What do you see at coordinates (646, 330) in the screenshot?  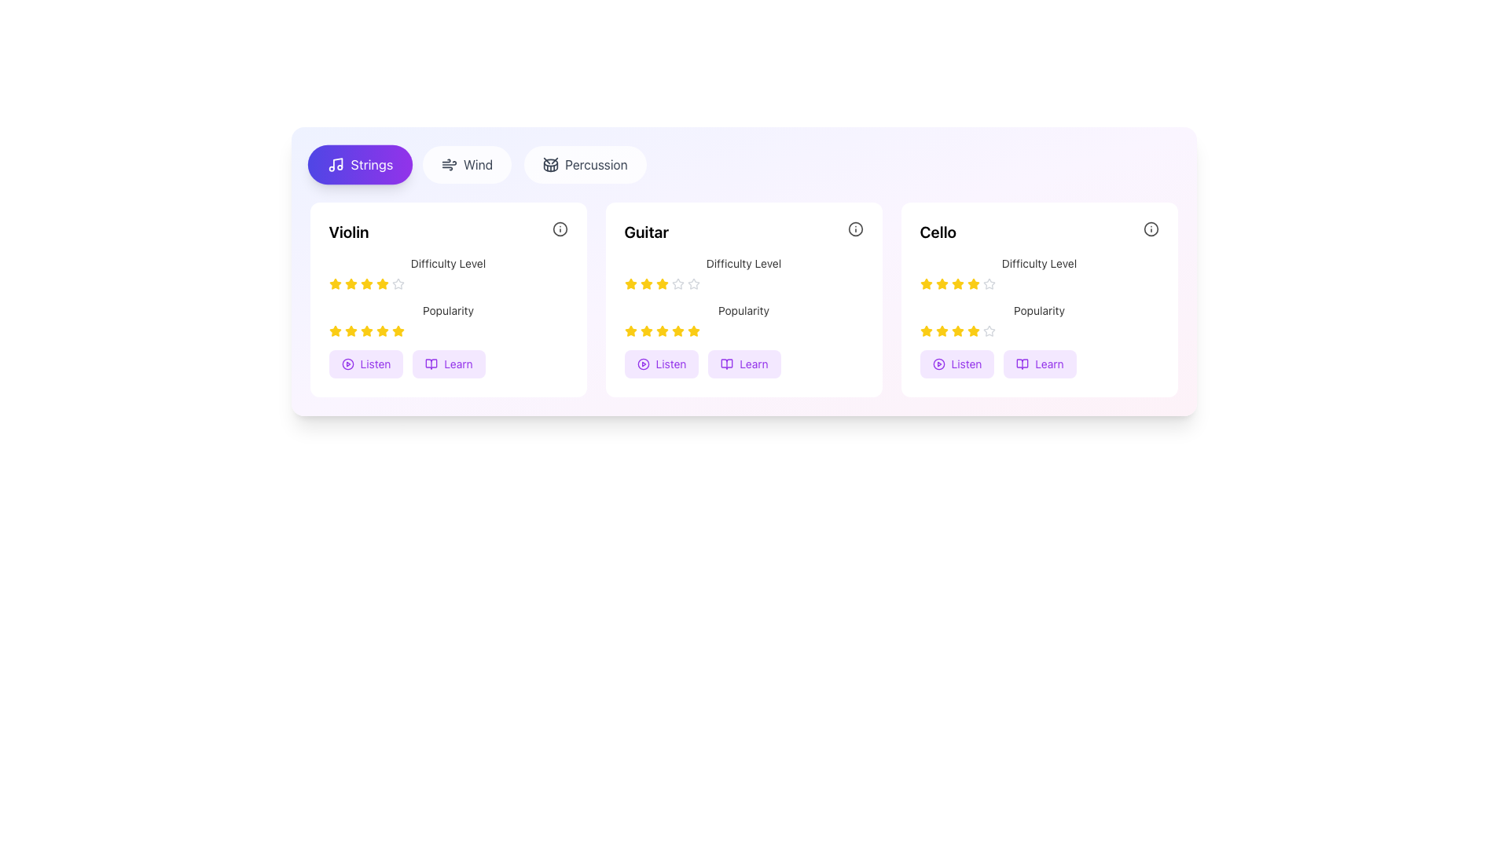 I see `the second star from the left in the 'Popularity' rating row of the 'Guitar' card to rate it` at bounding box center [646, 330].